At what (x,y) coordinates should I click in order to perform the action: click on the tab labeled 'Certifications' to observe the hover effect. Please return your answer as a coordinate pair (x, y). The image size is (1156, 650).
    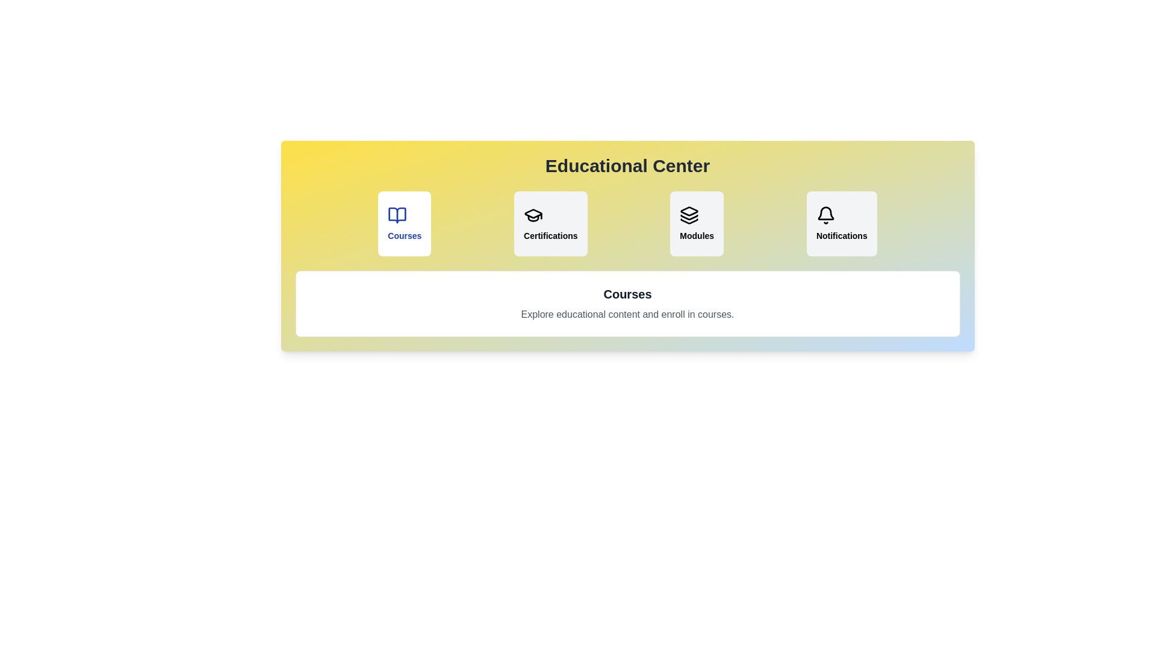
    Looking at the image, I should click on (550, 223).